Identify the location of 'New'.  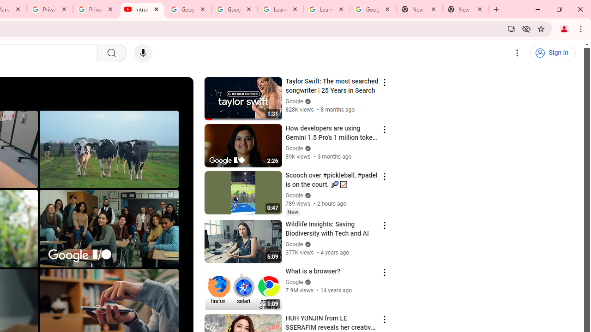
(292, 212).